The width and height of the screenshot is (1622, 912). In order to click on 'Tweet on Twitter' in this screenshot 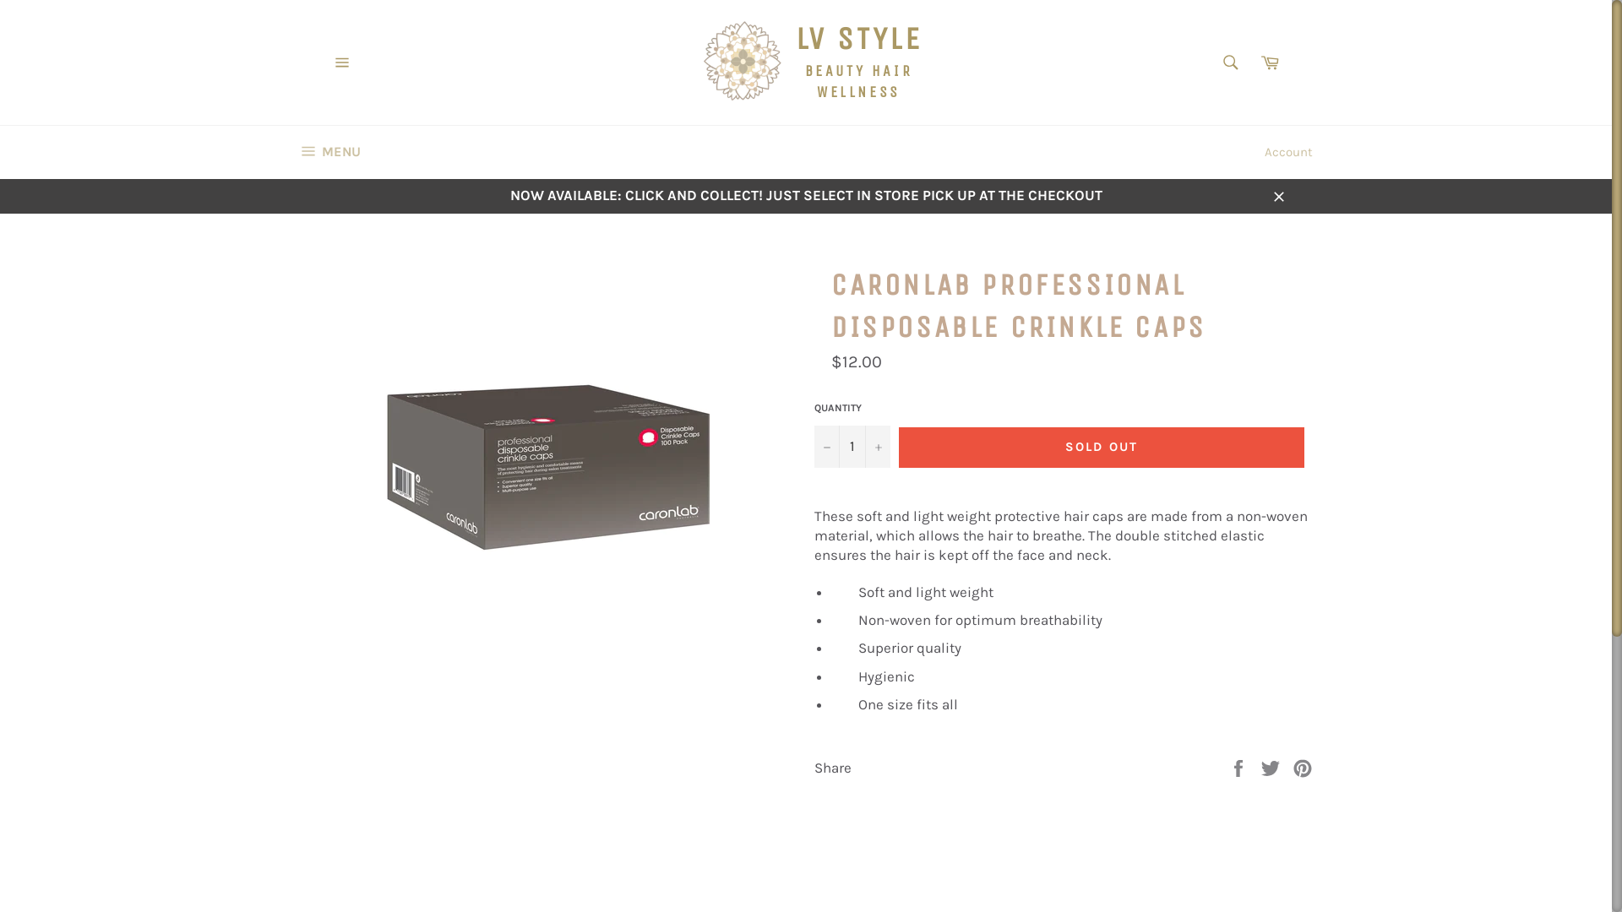, I will do `click(1272, 768)`.